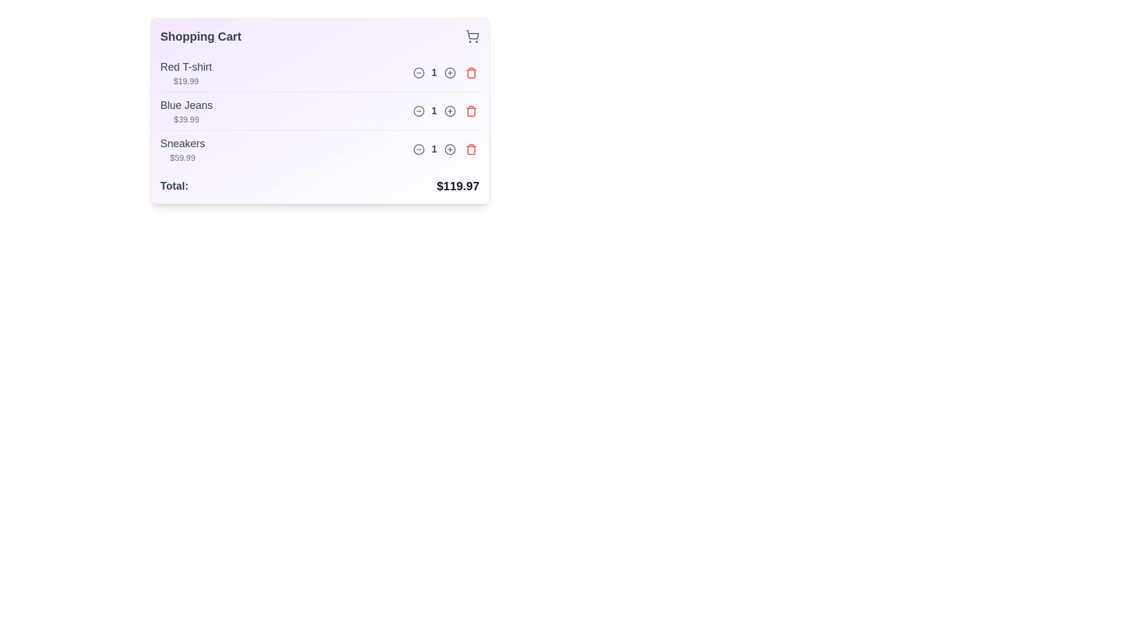 The width and height of the screenshot is (1130, 636). Describe the element at coordinates (449, 149) in the screenshot. I see `the circular plus button located in the right segment of the sneakers row in the shopping cart interface to increase the item quantity` at that location.